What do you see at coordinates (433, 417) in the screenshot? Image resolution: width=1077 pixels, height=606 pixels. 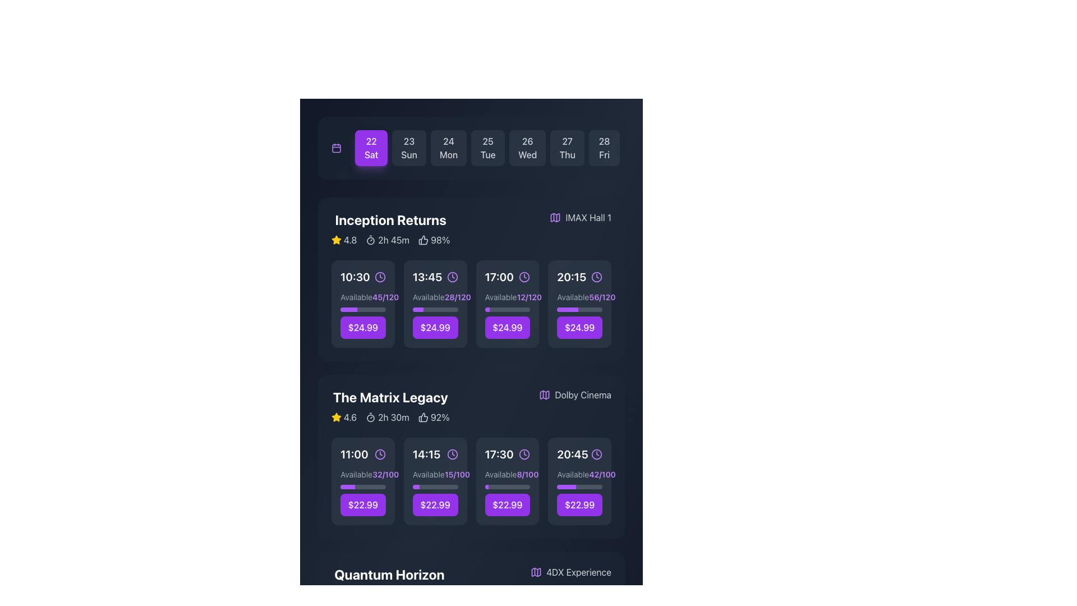 I see `the text label indicating a 92% user approval rating for 'The Matrix Legacy', located to the right of the runtime details in the schedule interface` at bounding box center [433, 417].